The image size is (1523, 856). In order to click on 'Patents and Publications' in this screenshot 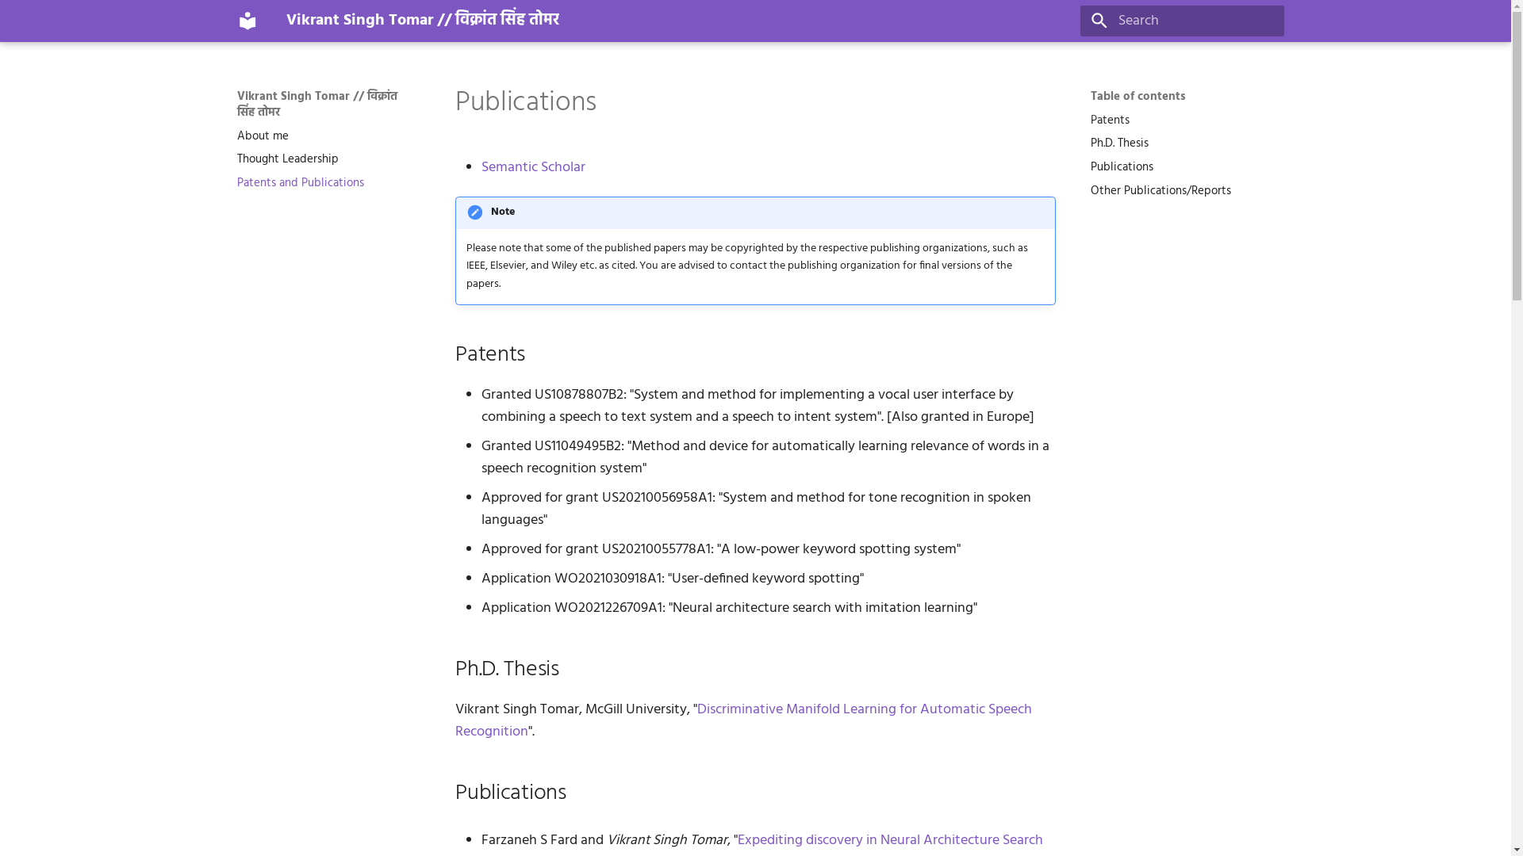, I will do `click(236, 182)`.